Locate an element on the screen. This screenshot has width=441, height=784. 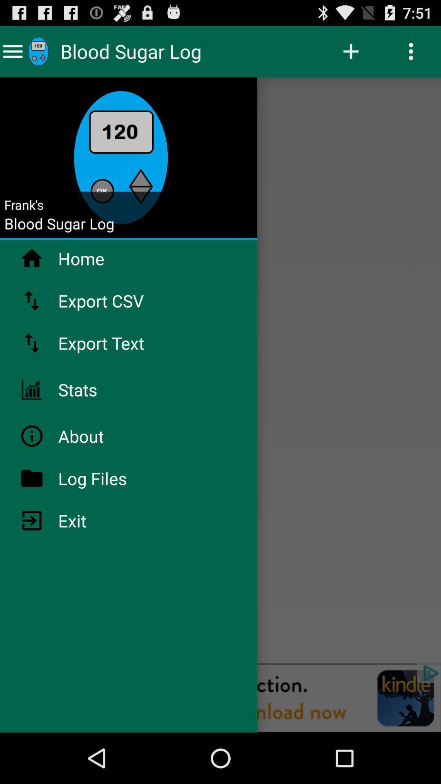
the item above log files app is located at coordinates (102, 436).